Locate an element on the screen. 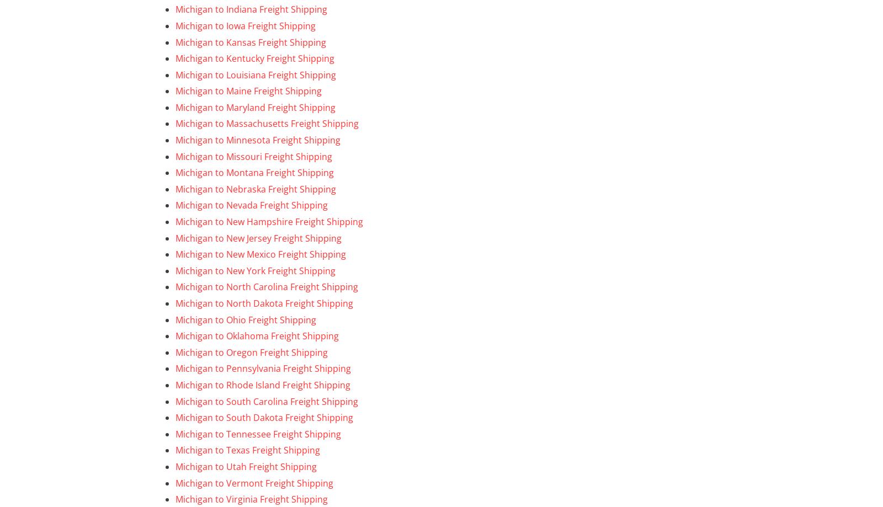 The width and height of the screenshot is (883, 507). 'Michigan to Virginia Freight Shipping' is located at coordinates (175, 499).